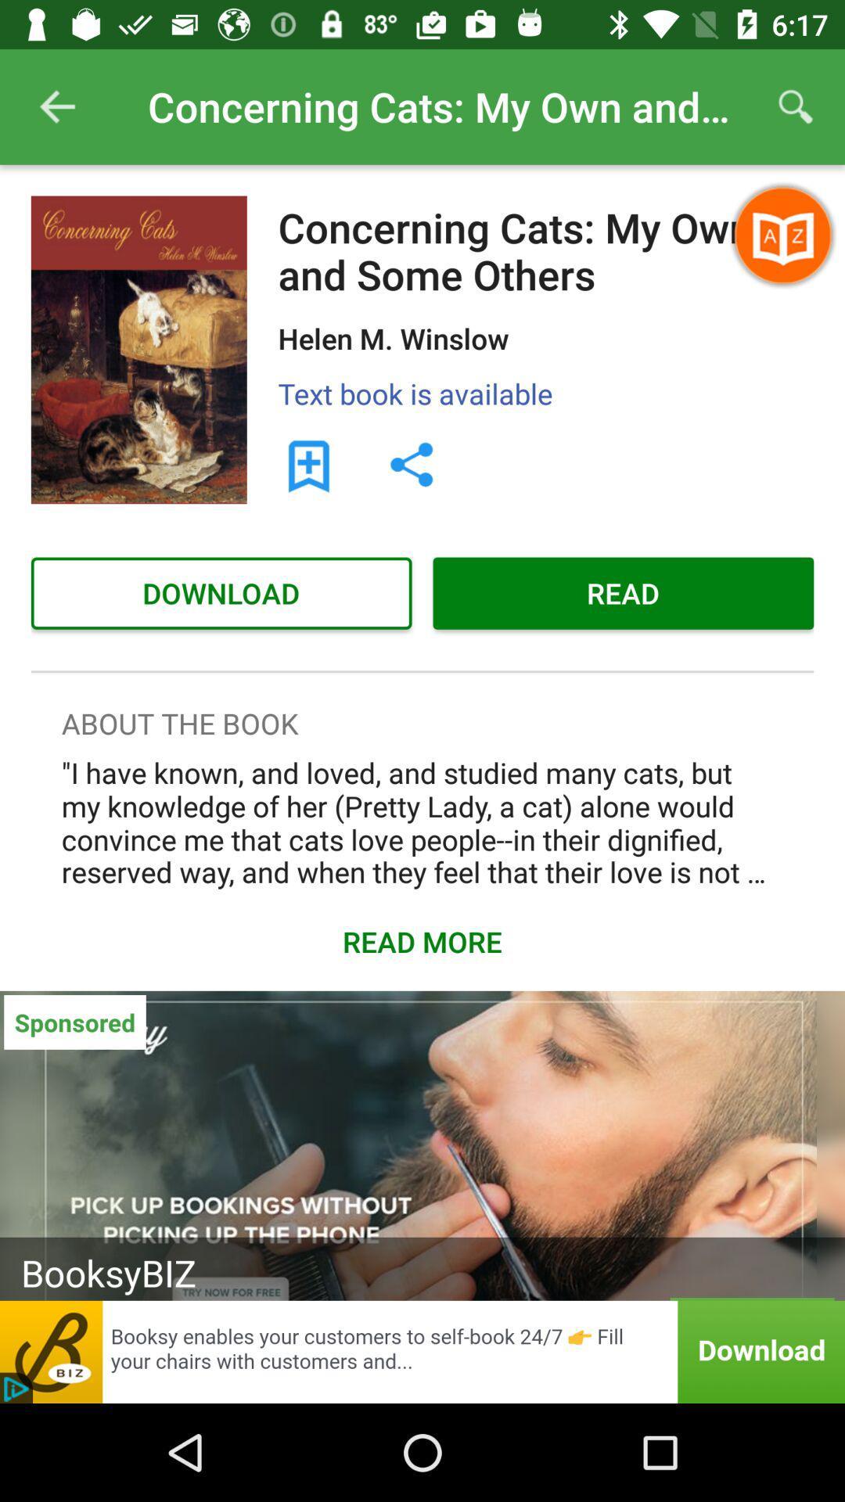 This screenshot has width=845, height=1502. Describe the element at coordinates (432, 474) in the screenshot. I see `the share icon` at that location.